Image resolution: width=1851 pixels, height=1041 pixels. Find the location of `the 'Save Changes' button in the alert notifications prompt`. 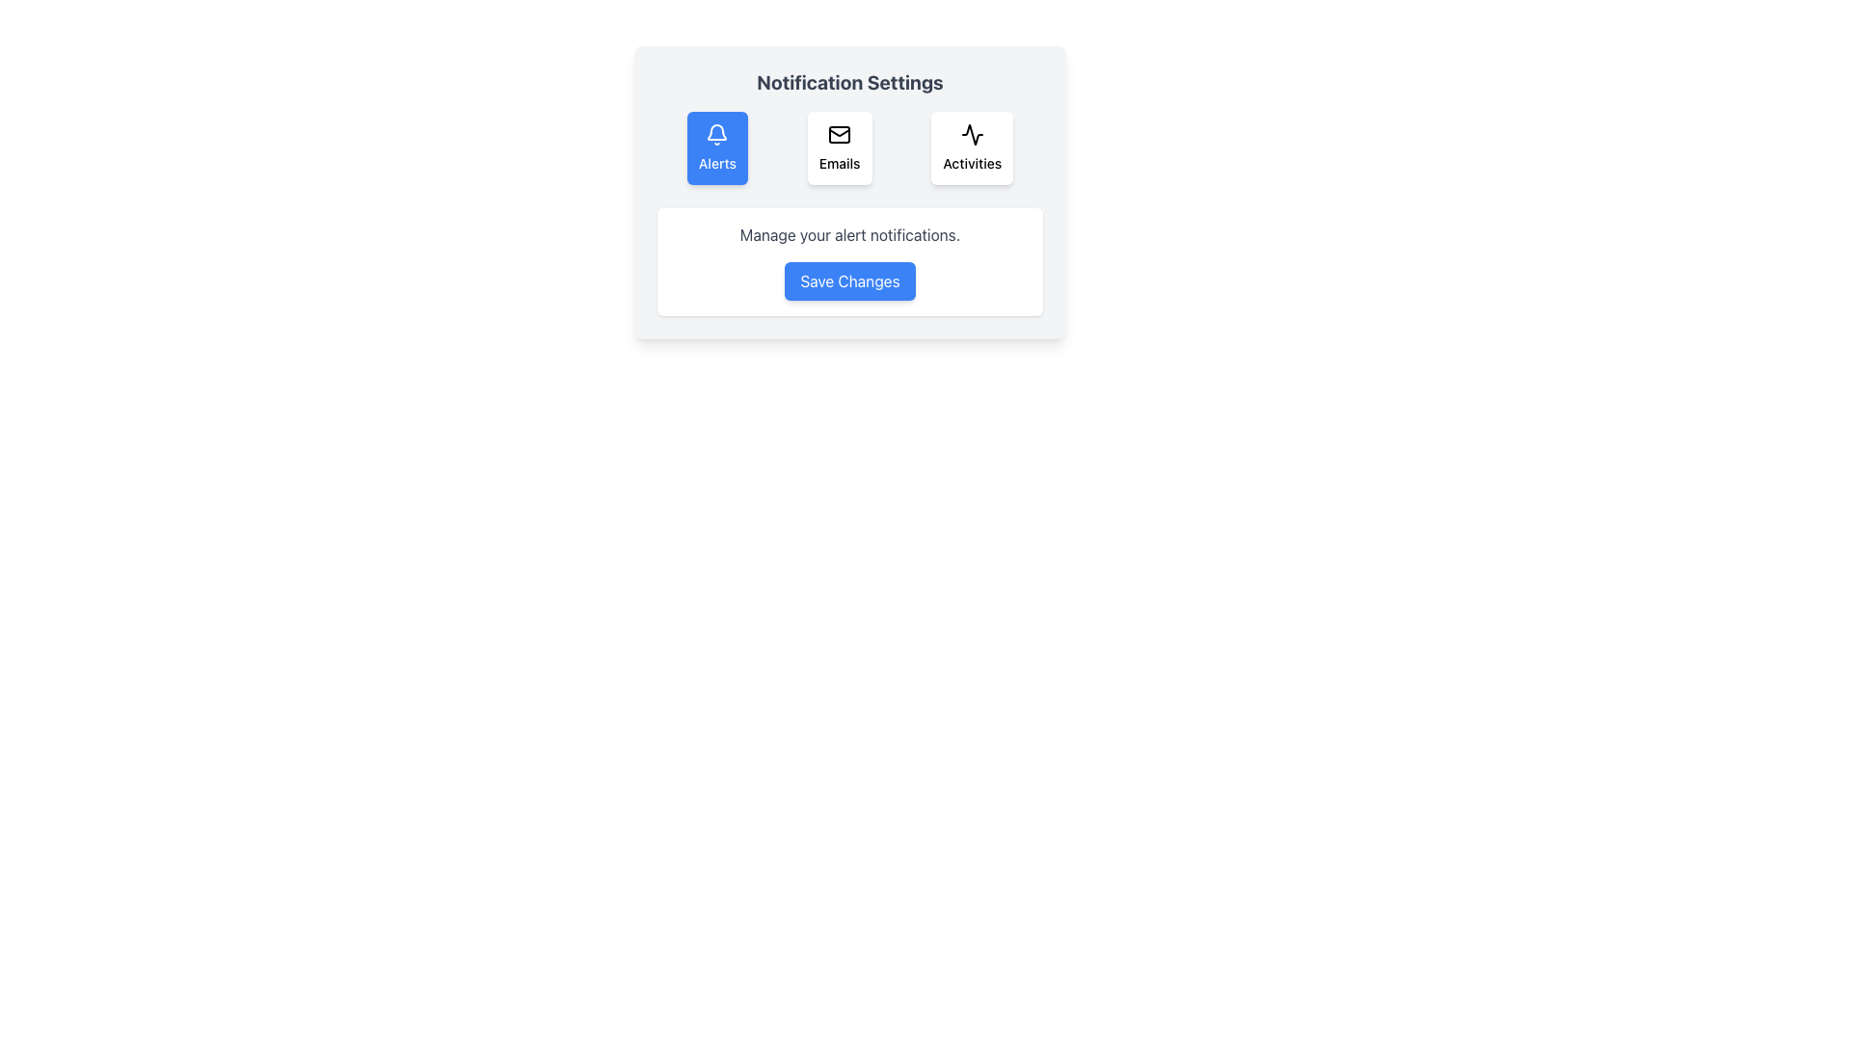

the 'Save Changes' button in the alert notifications prompt is located at coordinates (849, 262).